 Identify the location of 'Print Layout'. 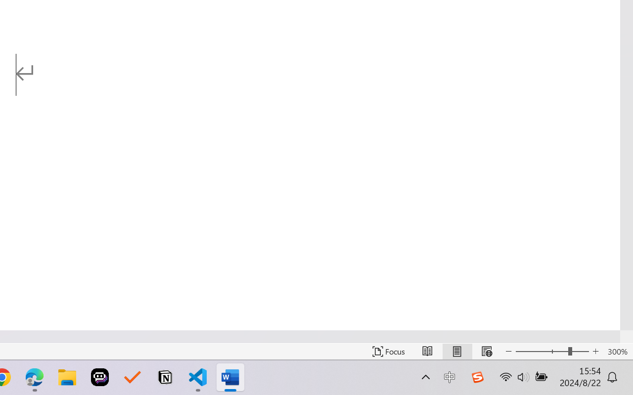
(456, 351).